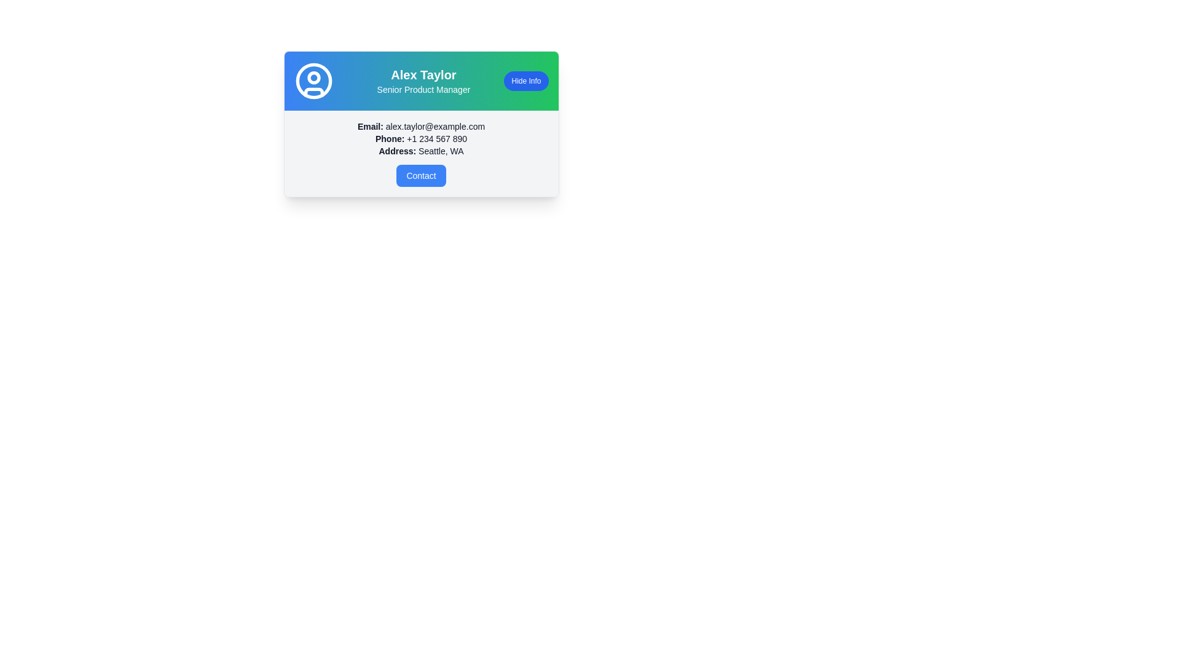 Image resolution: width=1180 pixels, height=664 pixels. I want to click on the 'Hide Info' button, which is styled with rounded corners and a blue background, located in the top-right section of the interface, so click(526, 81).